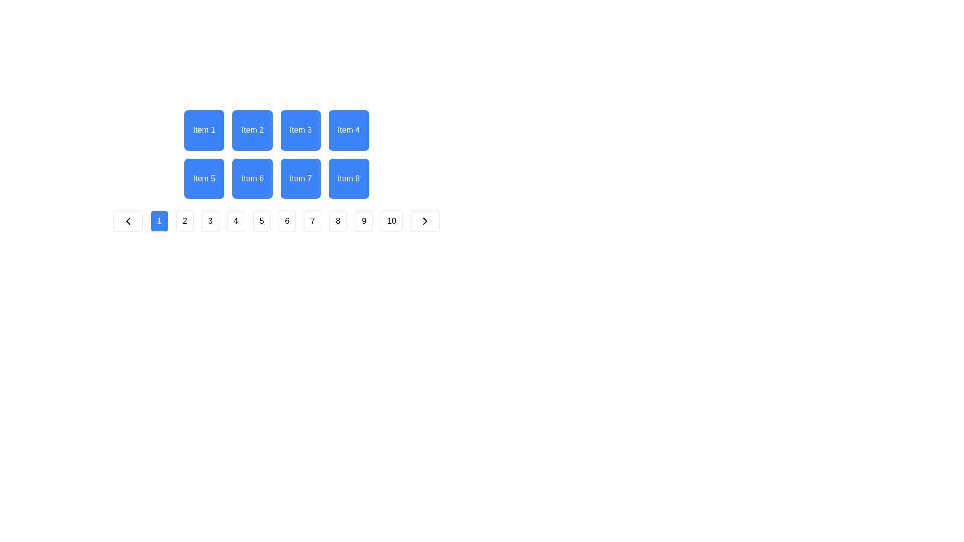 This screenshot has width=964, height=542. Describe the element at coordinates (363, 220) in the screenshot. I see `the rectangular button labeled '9' which is styled with borders and rounded corners, located beneath the grid of blue buttons labeled 'Item 1' through 'Item 8'` at that location.